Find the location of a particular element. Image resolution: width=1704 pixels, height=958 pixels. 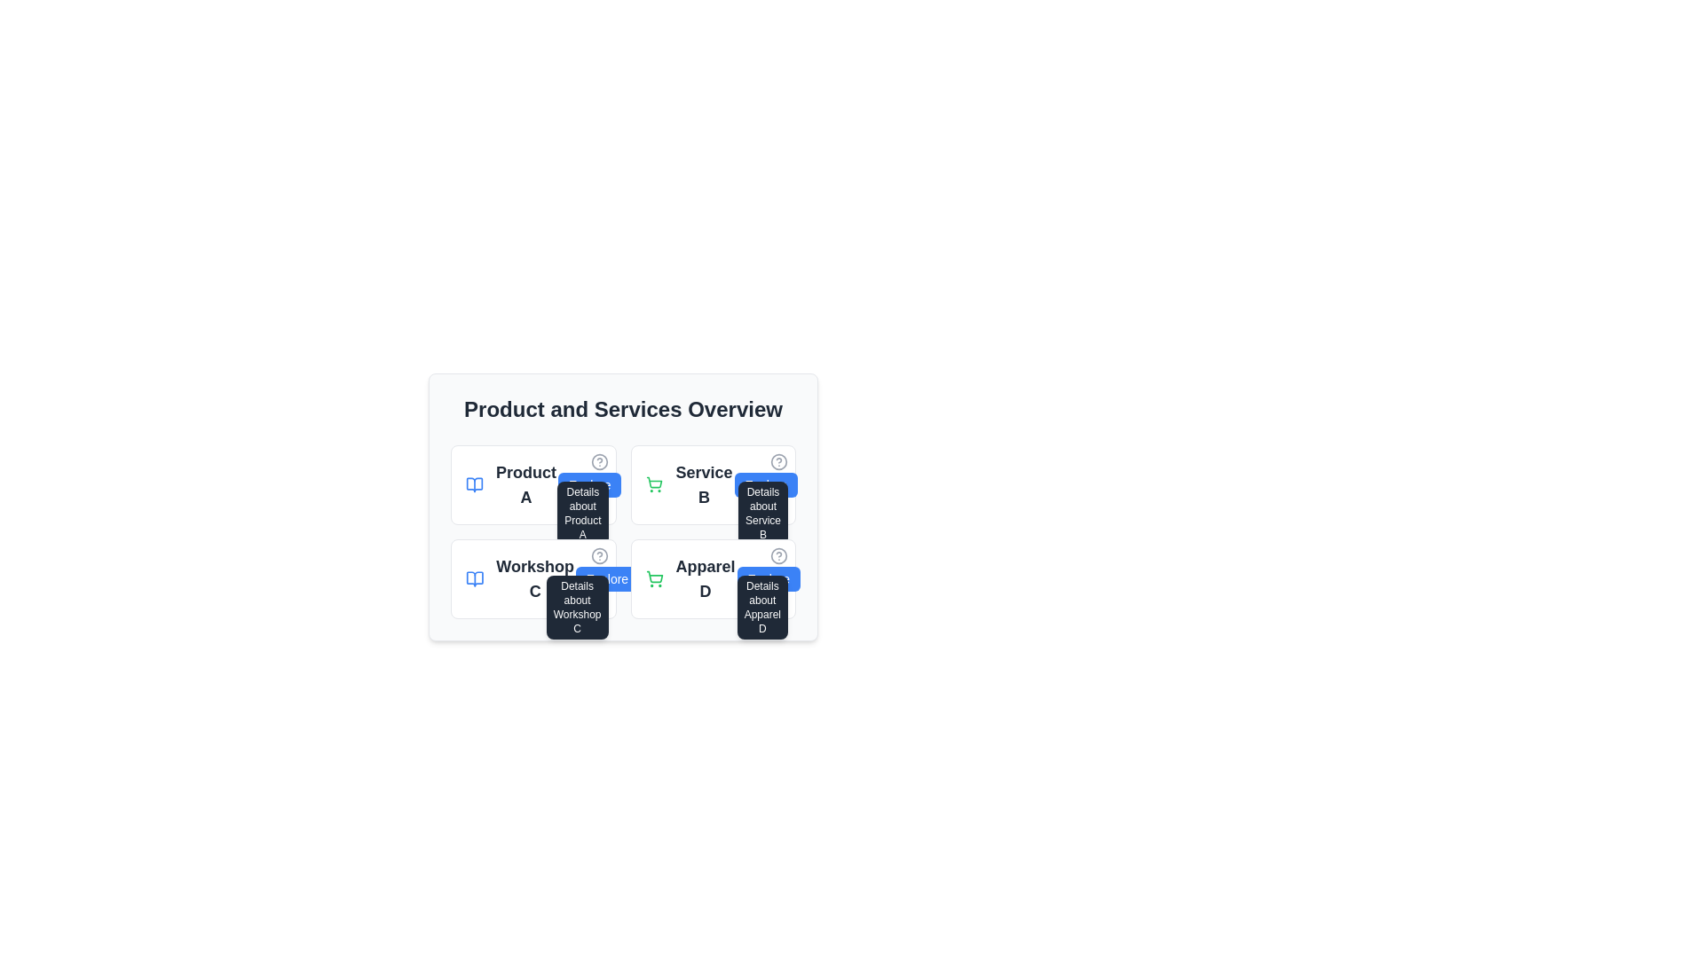

the text element that identifies a category or section in the 'Product and Services Overview', located in the bottom right quadrant below 'Service B' and next to 'Workshop C' is located at coordinates (705, 578).